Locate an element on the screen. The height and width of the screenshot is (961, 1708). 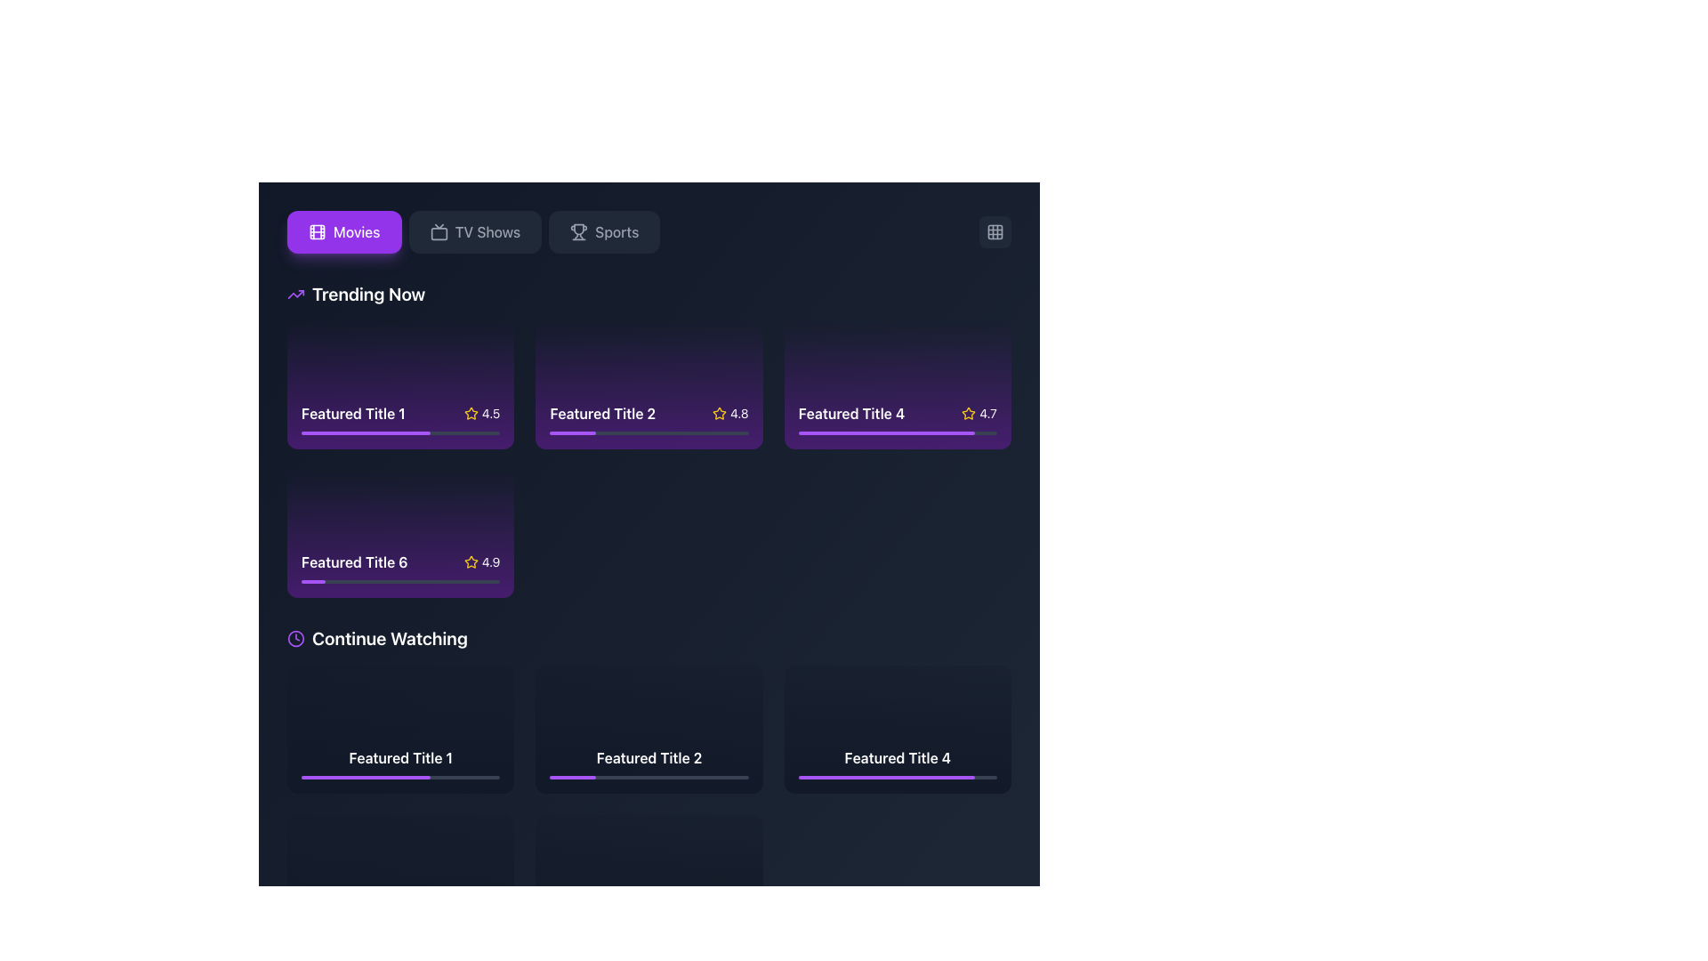
the star-shaped icon that indicates the rating of the media item in the Featured Title 4 card within the Trending Now section is located at coordinates (968, 413).